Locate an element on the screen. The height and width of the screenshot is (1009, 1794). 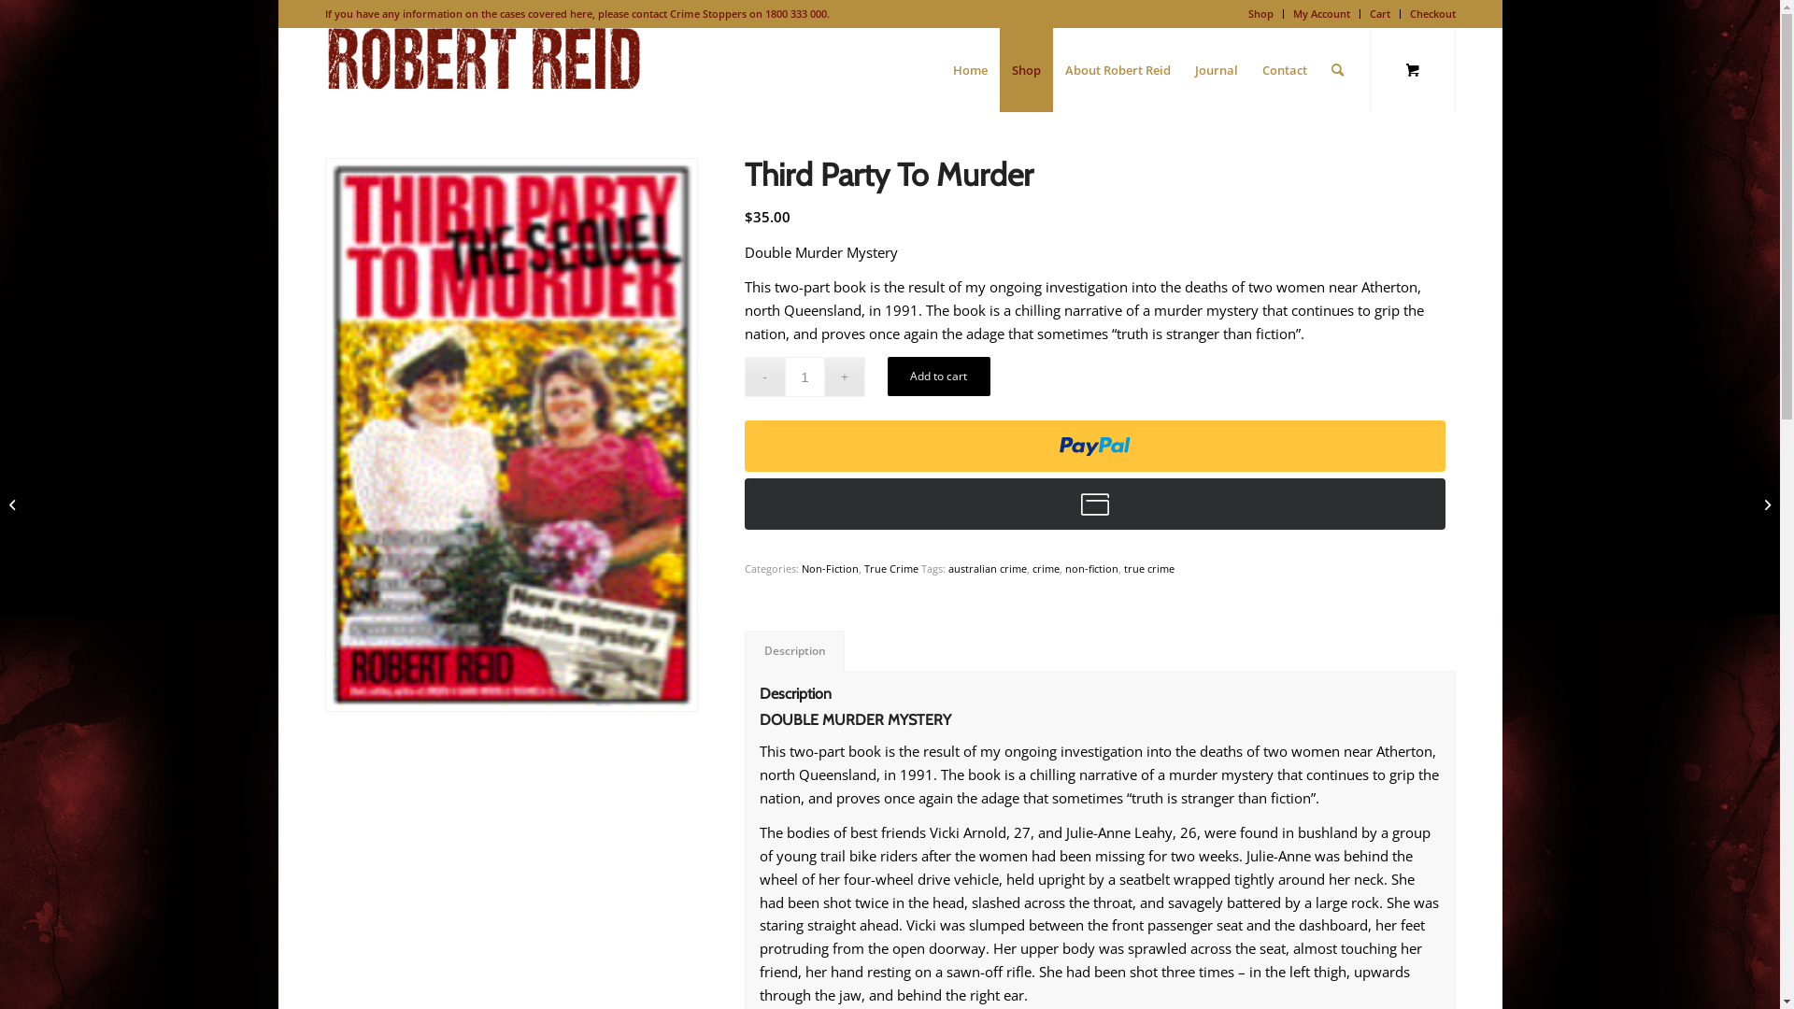
'Cart' is located at coordinates (1380, 13).